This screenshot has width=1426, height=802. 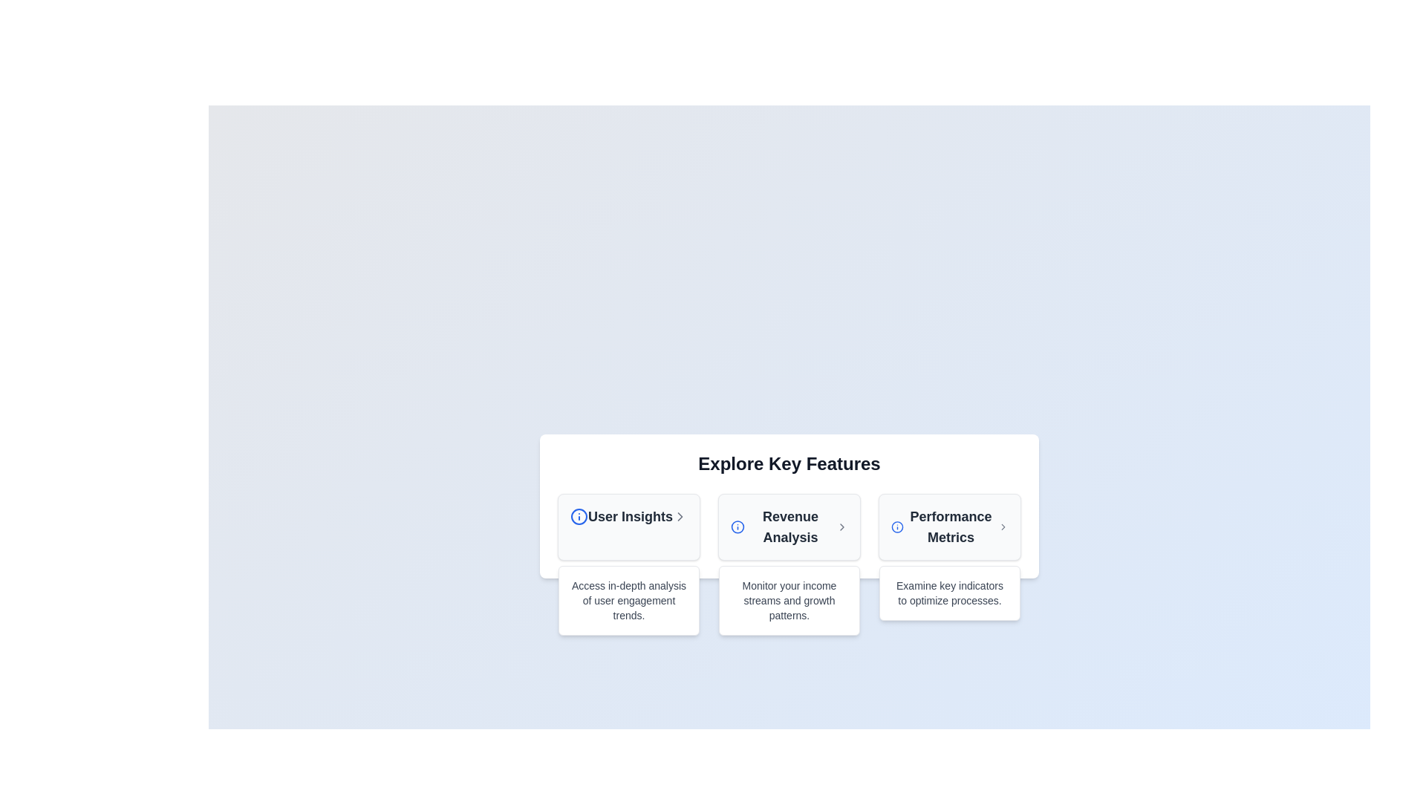 I want to click on the Text element that serves as a heading for the card component under the header 'Explore Key Features' located in the third column, so click(x=948, y=526).